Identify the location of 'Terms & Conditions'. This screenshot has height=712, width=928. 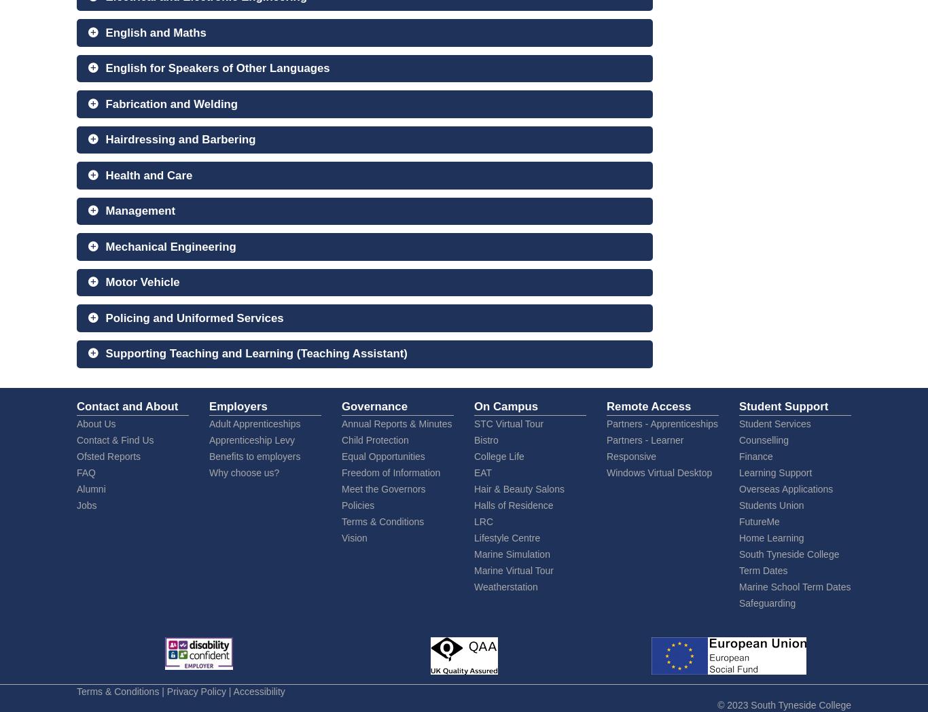
(117, 690).